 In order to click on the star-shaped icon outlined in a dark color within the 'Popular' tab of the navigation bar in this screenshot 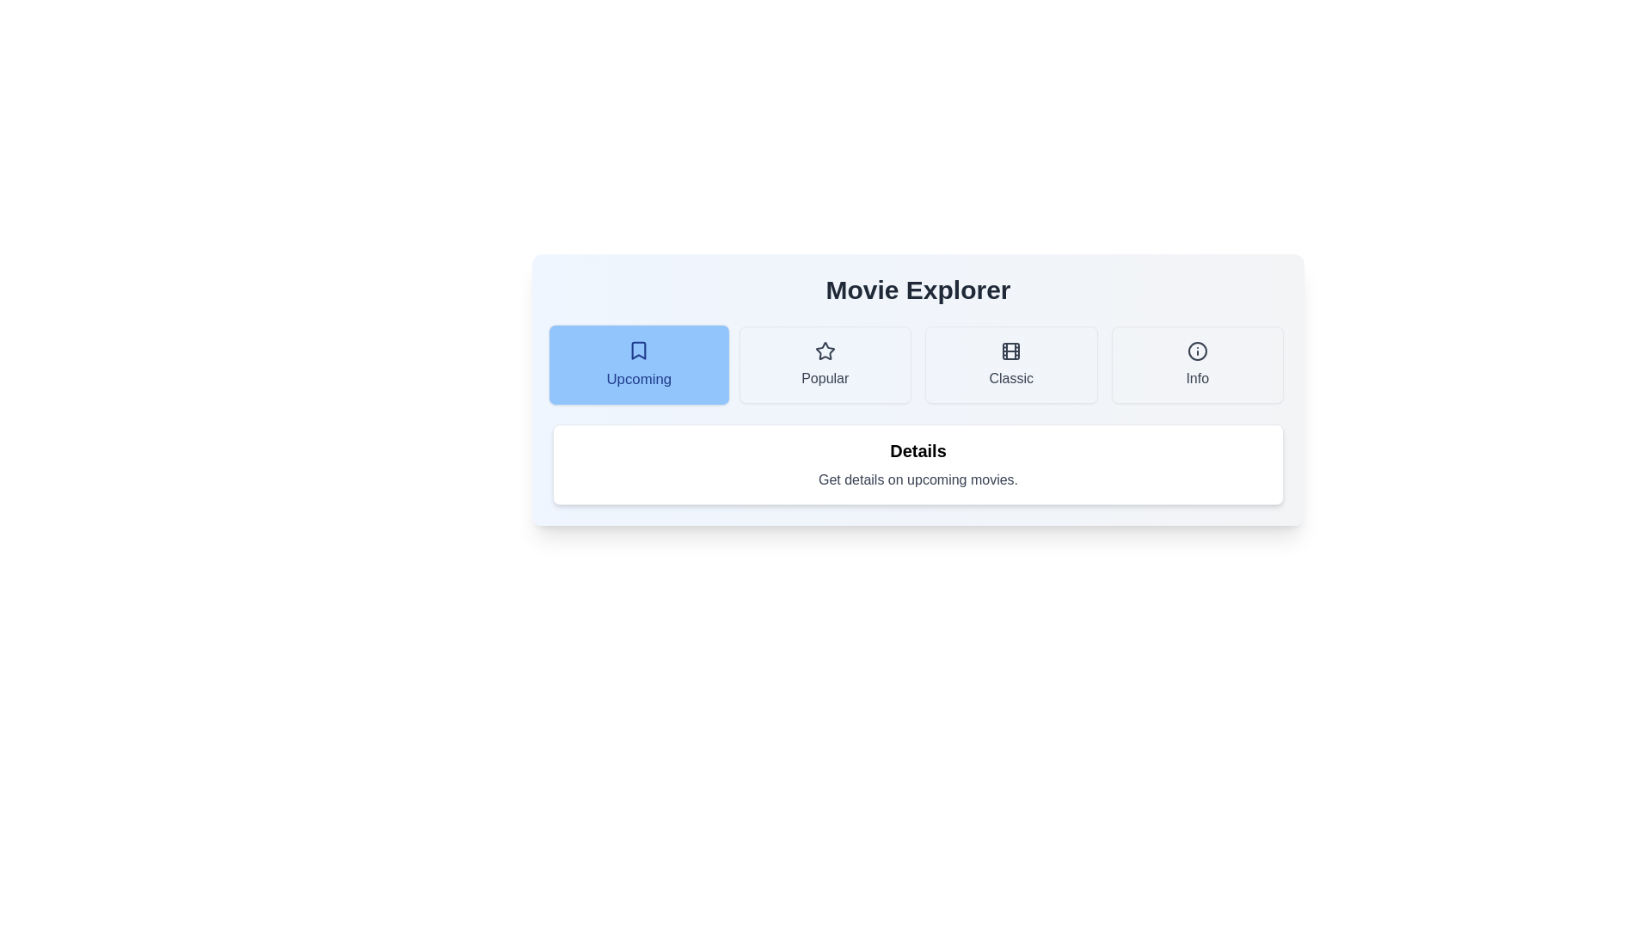, I will do `click(824, 350)`.